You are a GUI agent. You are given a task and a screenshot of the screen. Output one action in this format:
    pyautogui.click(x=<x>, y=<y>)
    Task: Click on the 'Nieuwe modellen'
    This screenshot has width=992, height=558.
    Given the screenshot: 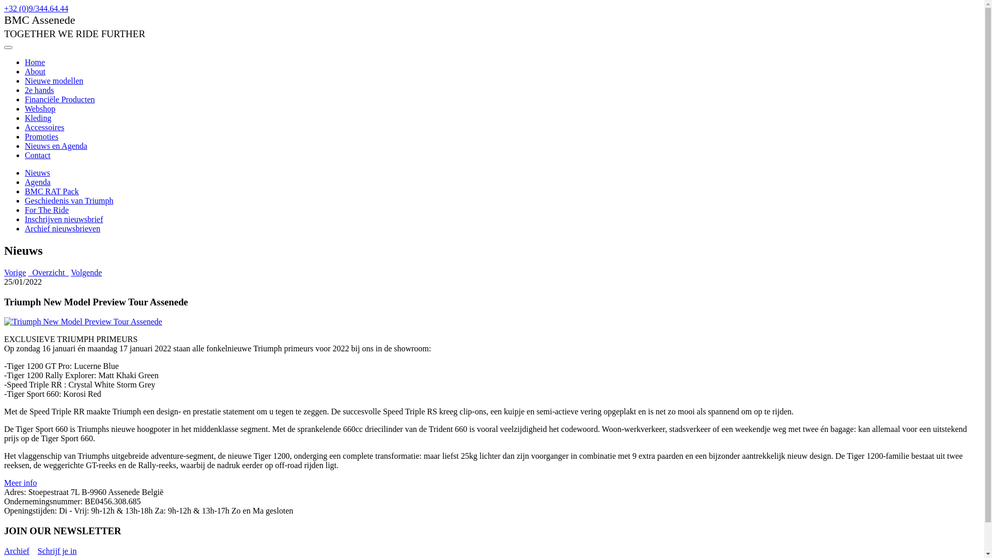 What is the action you would take?
    pyautogui.click(x=53, y=80)
    